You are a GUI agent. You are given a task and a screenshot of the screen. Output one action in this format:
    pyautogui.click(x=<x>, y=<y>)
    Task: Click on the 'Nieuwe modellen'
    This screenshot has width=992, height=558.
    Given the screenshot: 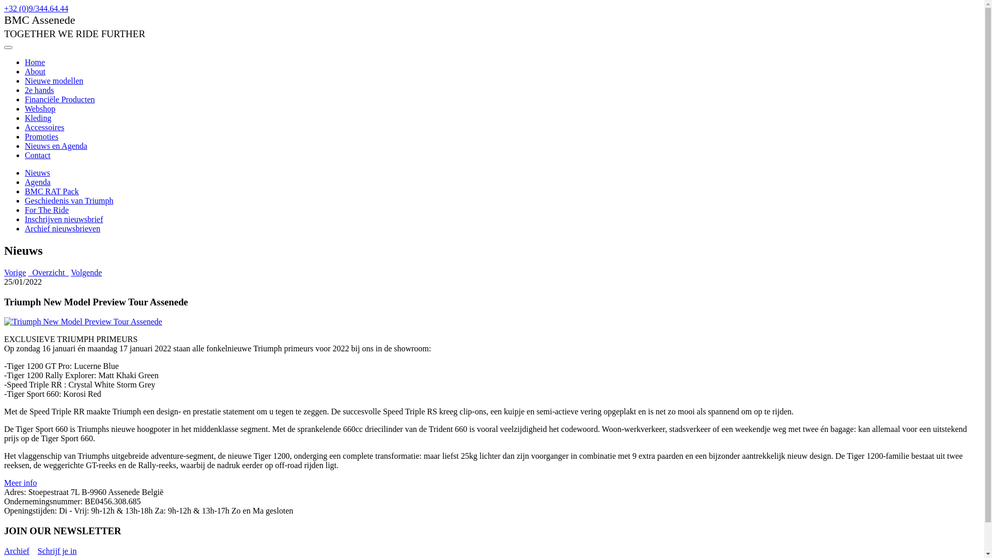 What is the action you would take?
    pyautogui.click(x=53, y=80)
    